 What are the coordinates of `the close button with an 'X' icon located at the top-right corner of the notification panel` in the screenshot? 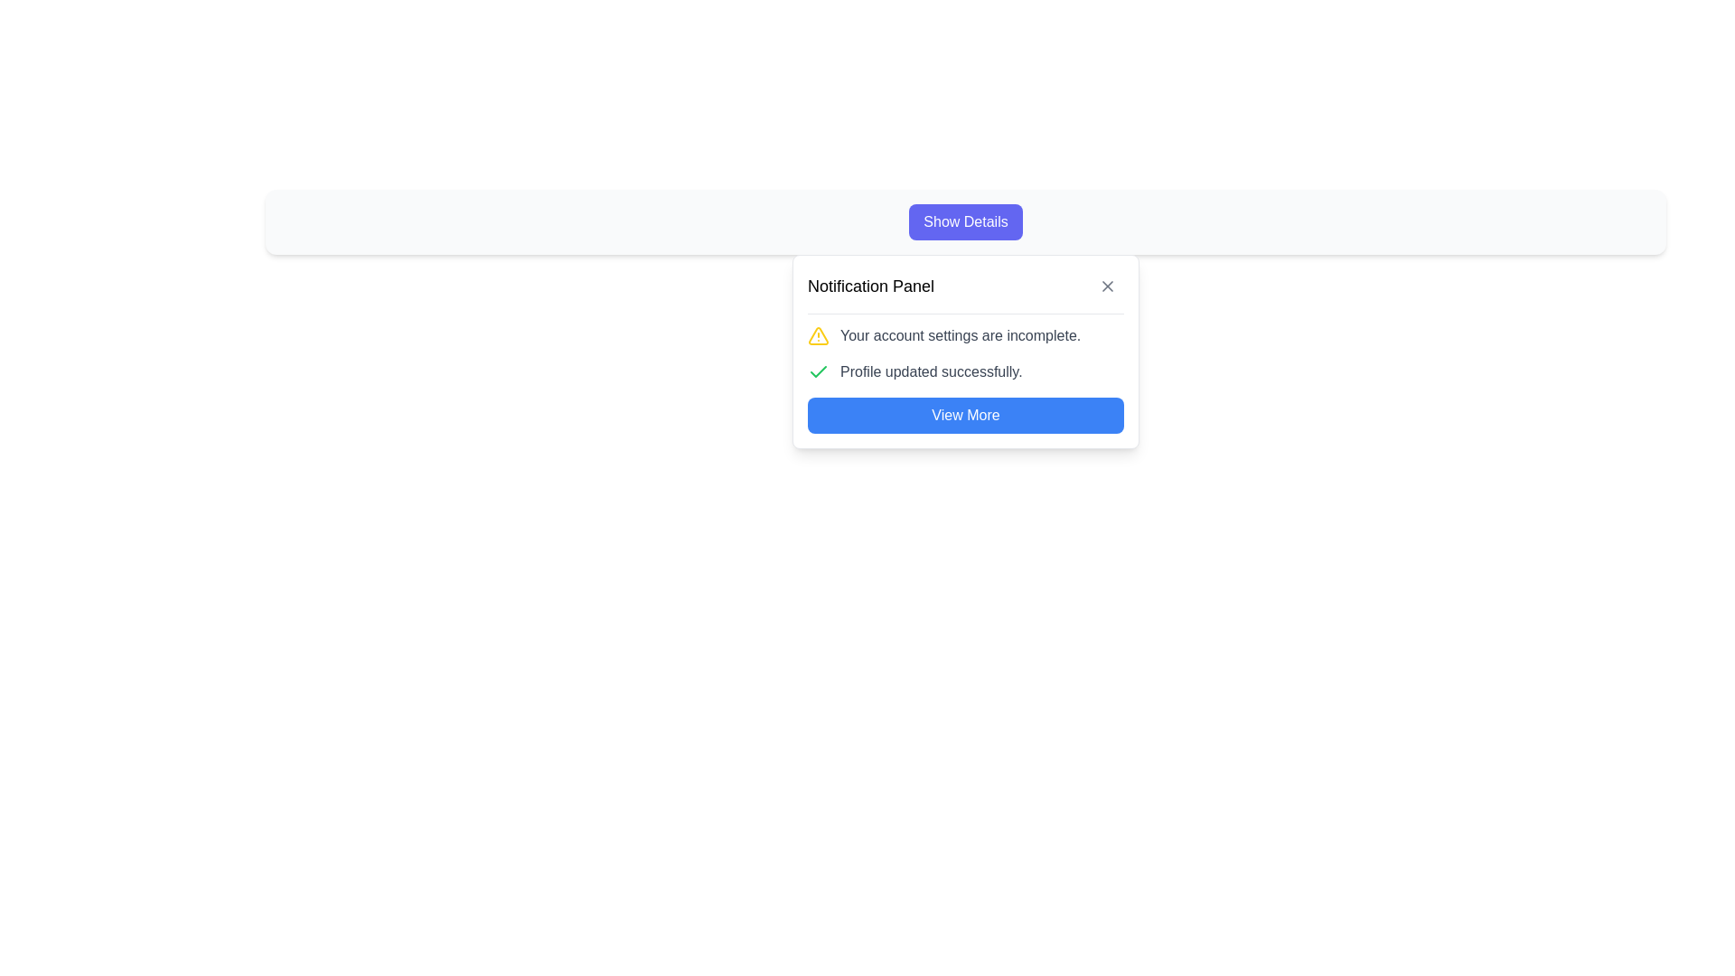 It's located at (1106, 285).